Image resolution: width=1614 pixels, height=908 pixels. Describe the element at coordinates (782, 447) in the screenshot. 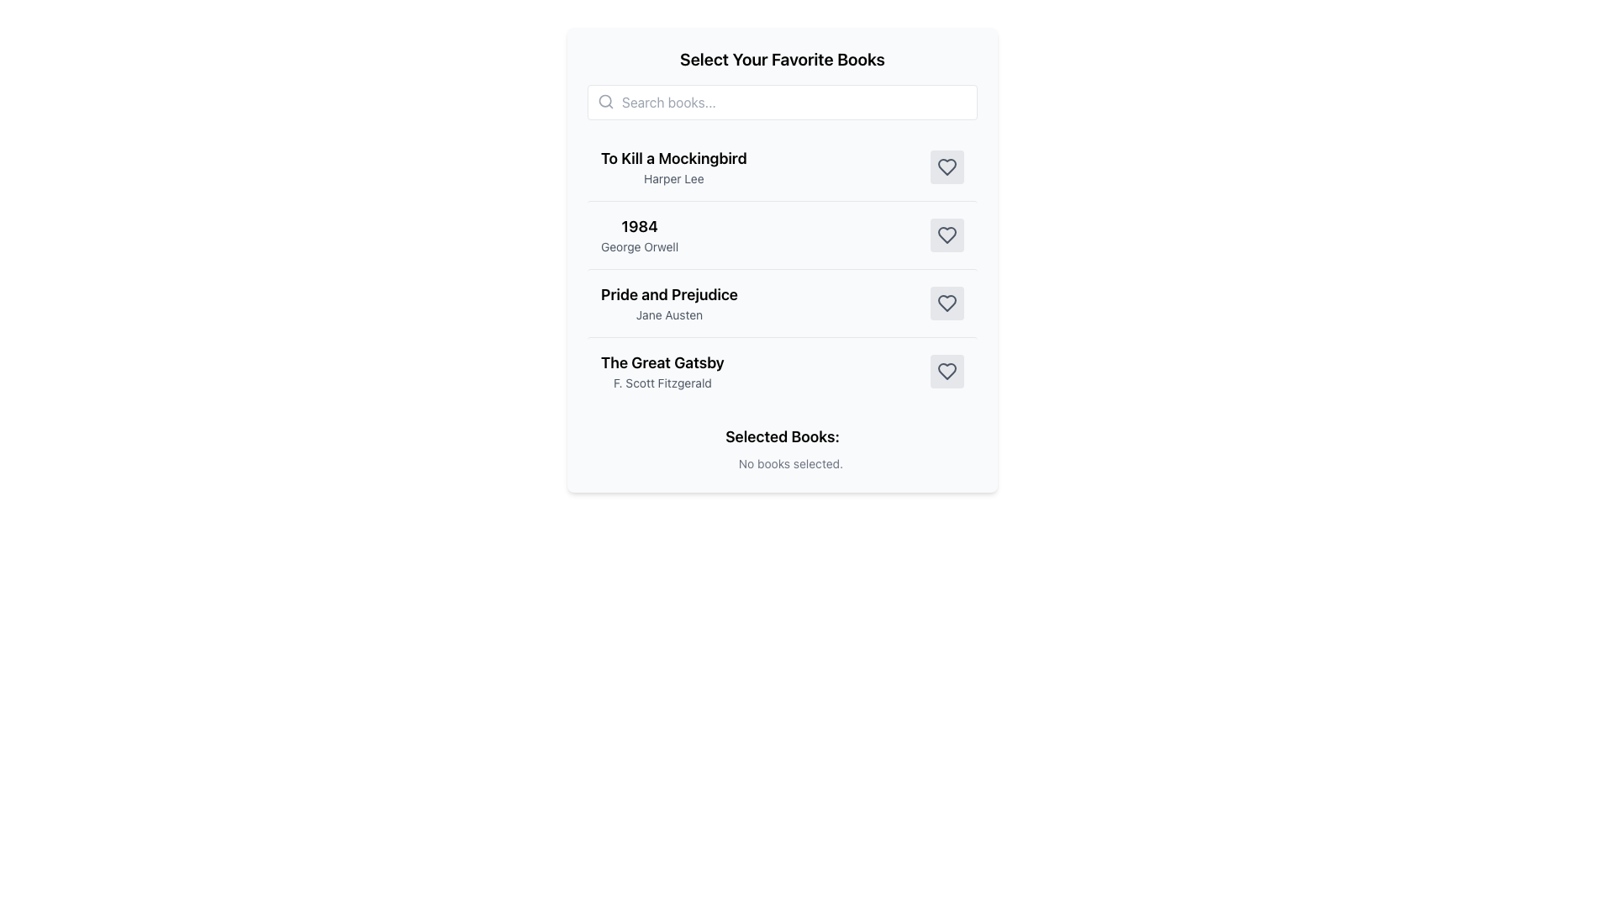

I see `the Text Display that shows a message about selected books, initially indicating that no books have been selected` at that location.